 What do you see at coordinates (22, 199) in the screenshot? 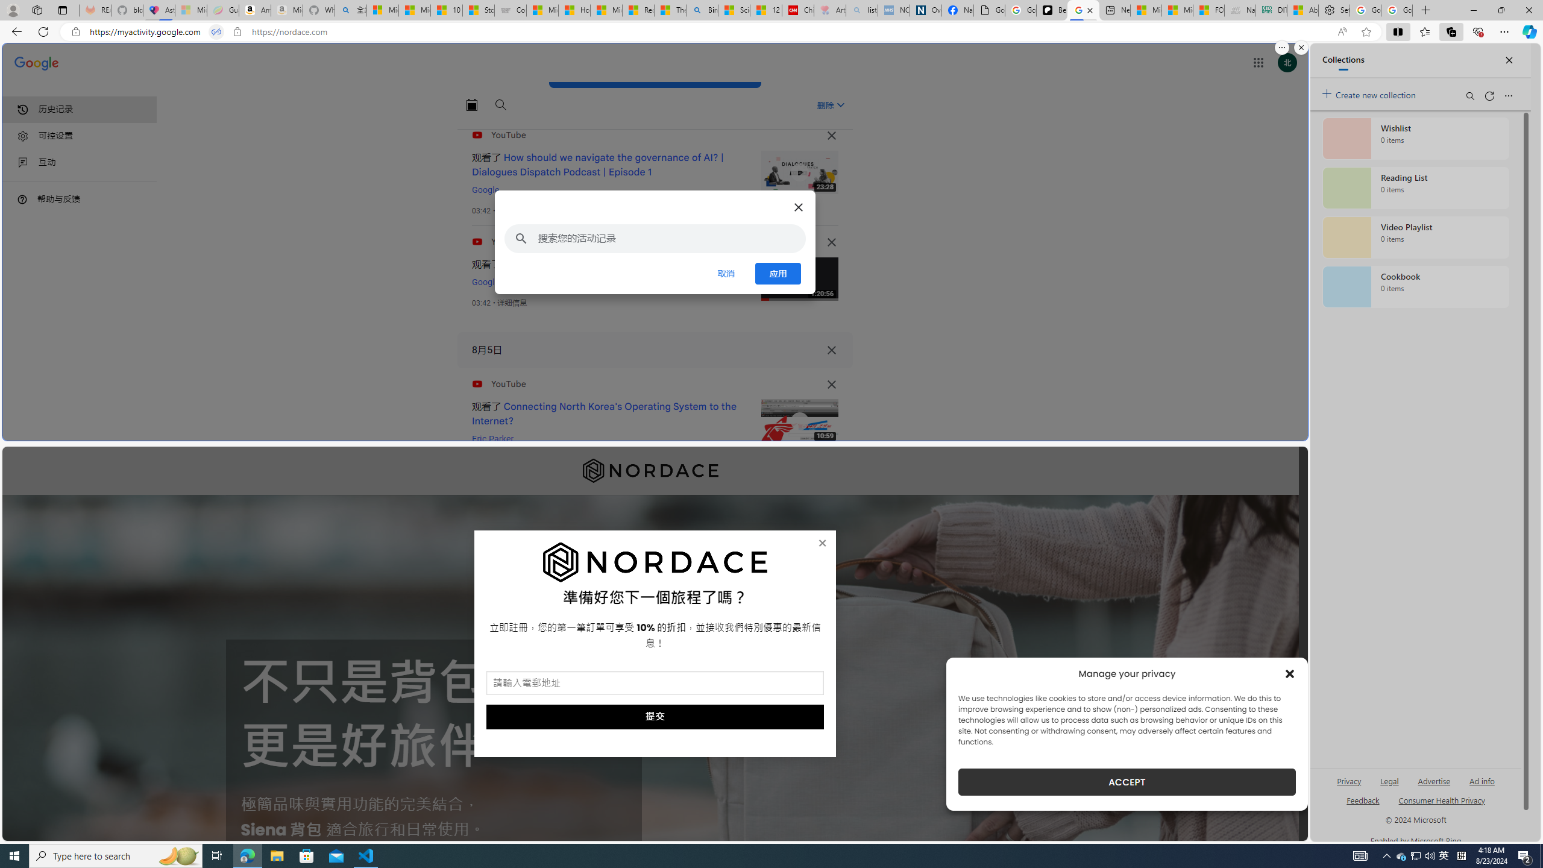
I see `'Class: DTiKkd NMm5M'` at bounding box center [22, 199].